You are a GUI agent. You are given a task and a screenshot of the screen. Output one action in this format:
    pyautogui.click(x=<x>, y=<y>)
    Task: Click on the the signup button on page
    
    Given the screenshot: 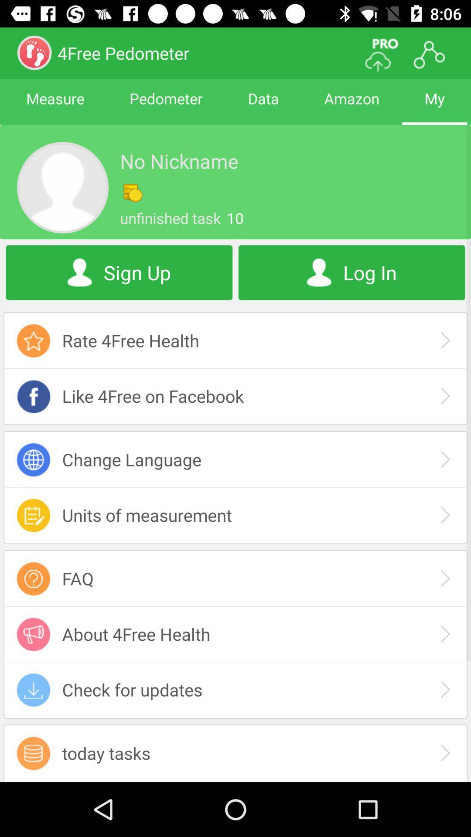 What is the action you would take?
    pyautogui.click(x=119, y=272)
    